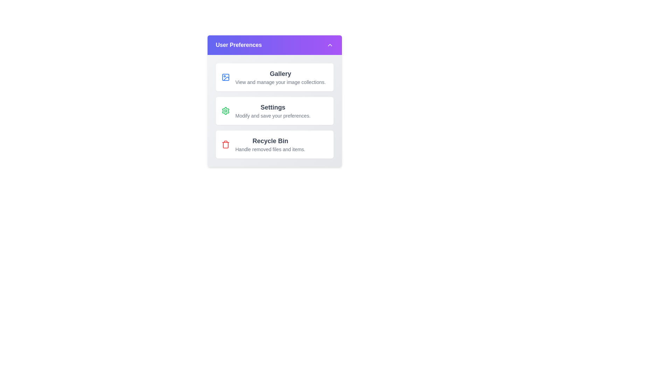  What do you see at coordinates (274, 77) in the screenshot?
I see `the preference item Gallery` at bounding box center [274, 77].